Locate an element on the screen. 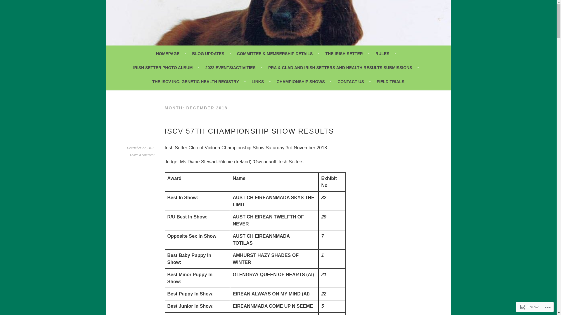  'ISCV 57TH CHAMPIONSHIP SHOW RESULTS' is located at coordinates (250, 131).